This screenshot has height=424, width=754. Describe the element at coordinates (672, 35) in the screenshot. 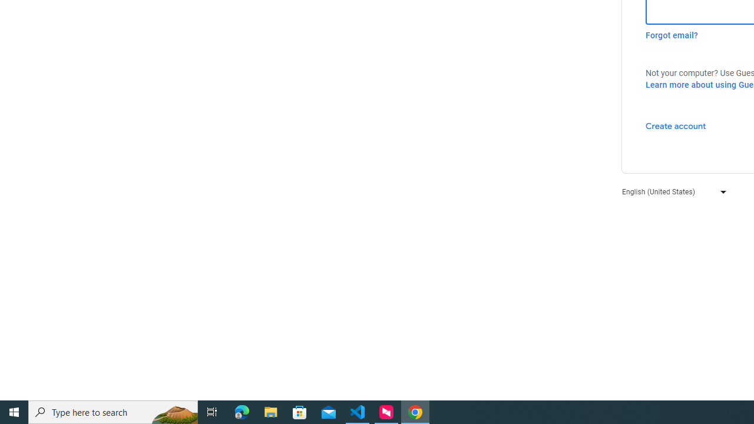

I see `'Forgot email?'` at that location.